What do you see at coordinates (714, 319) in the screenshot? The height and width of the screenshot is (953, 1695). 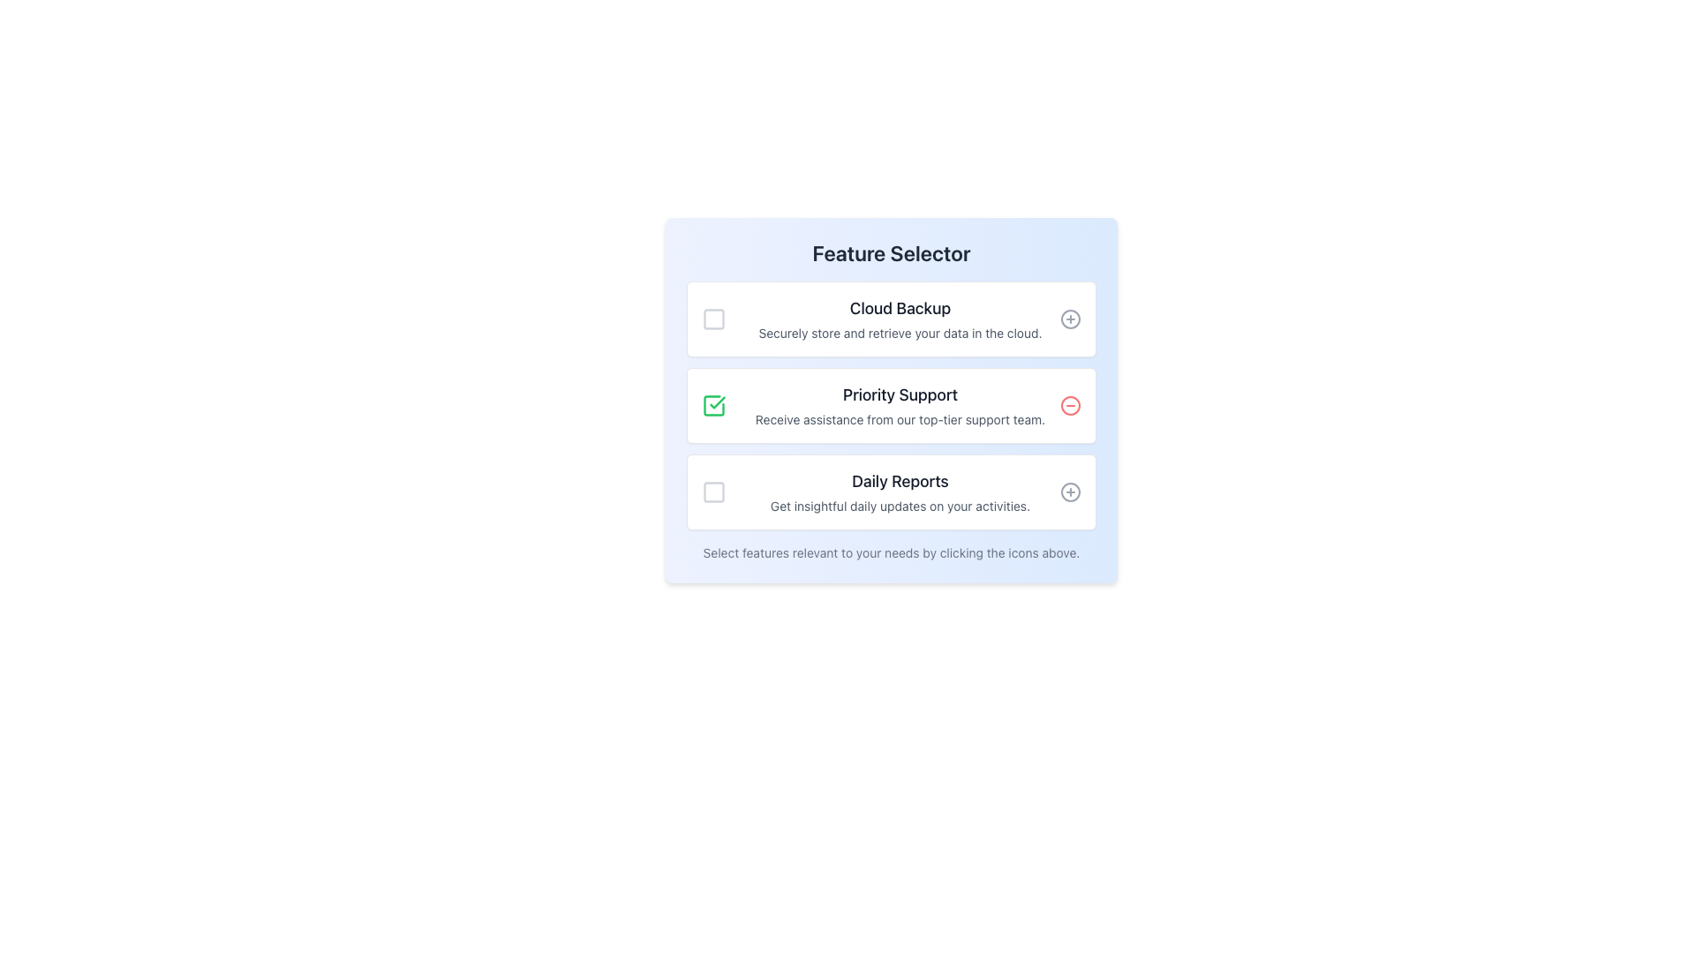 I see `the Checkbox-style icon for 'Cloud Backup'` at bounding box center [714, 319].